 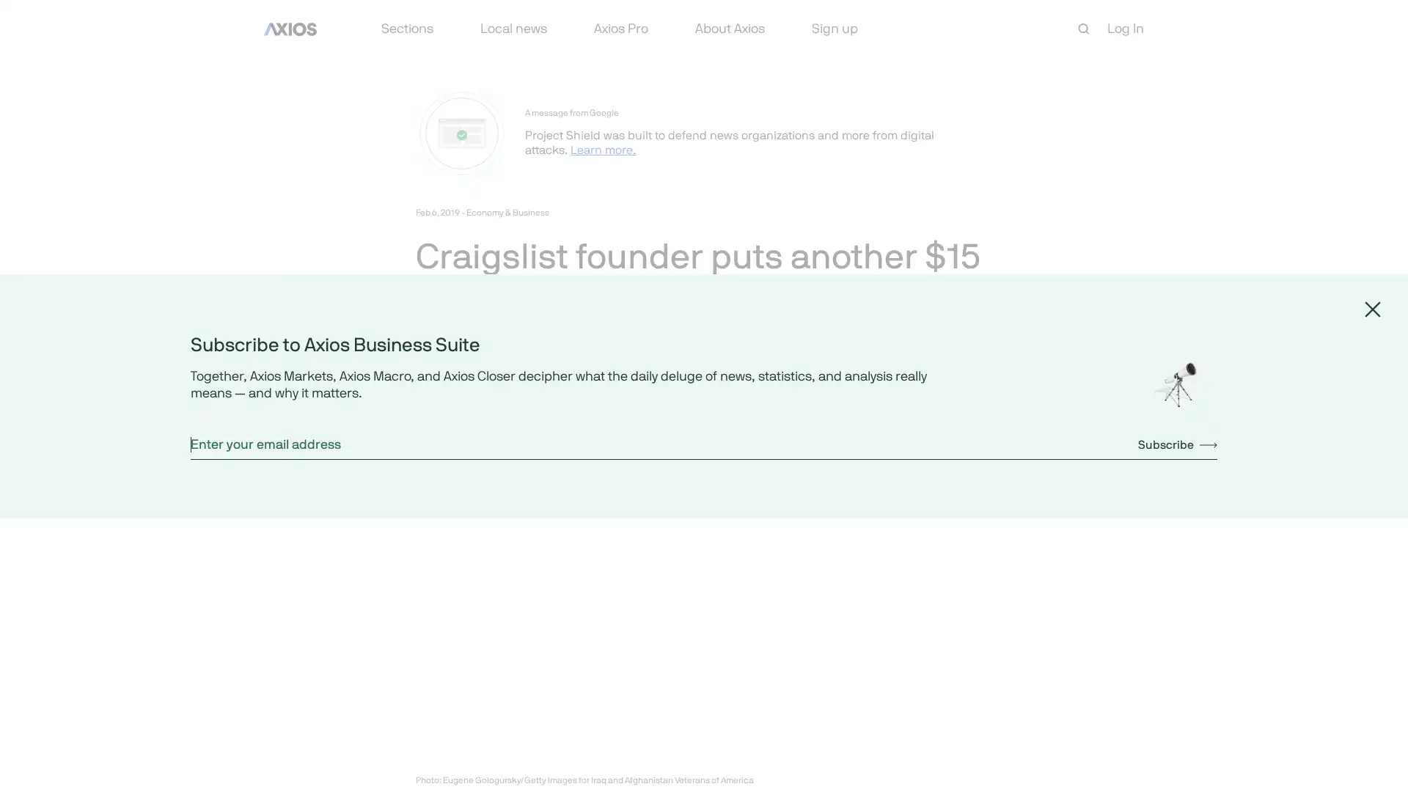 I want to click on facebook, so click(x=425, y=398).